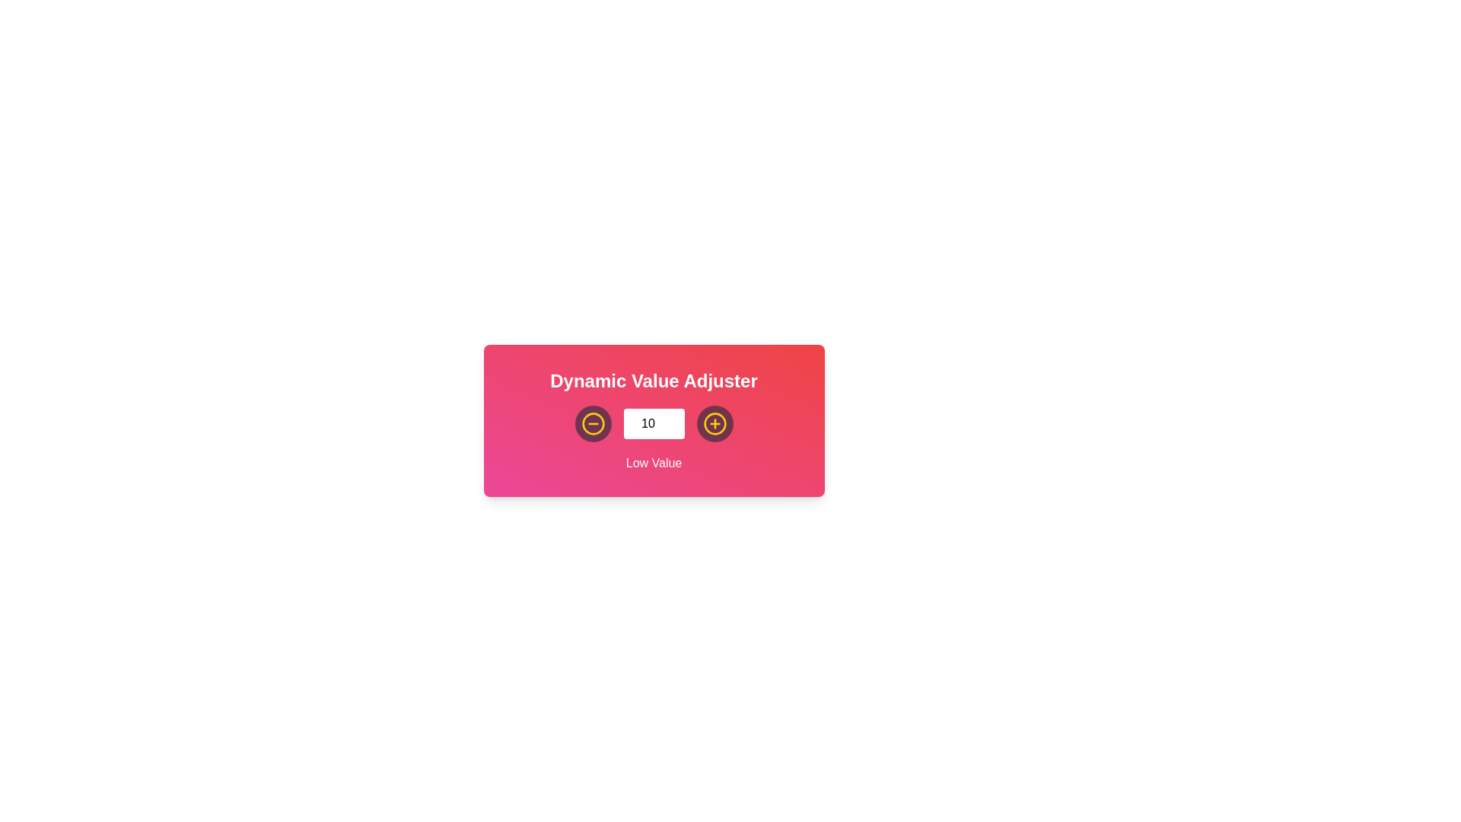 This screenshot has width=1461, height=822. What do you see at coordinates (654, 381) in the screenshot?
I see `the bold and large text label 'Dynamic Value Adjuster' displayed at the top of the card-like structure with a pink to red gradient background` at bounding box center [654, 381].